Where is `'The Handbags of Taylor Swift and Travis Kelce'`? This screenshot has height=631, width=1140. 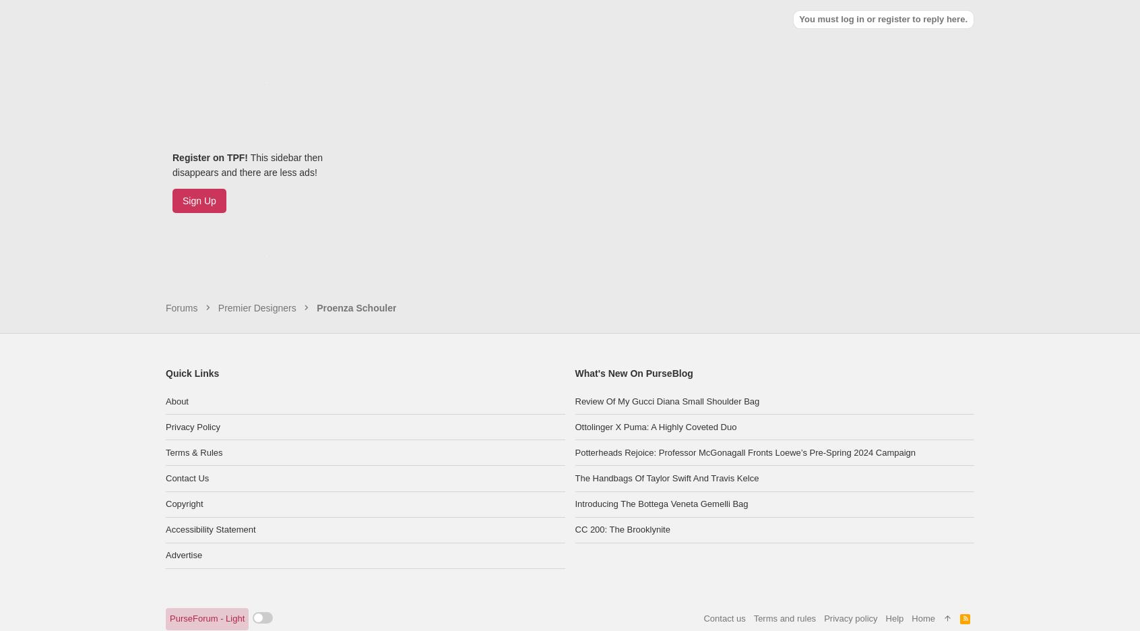
'The Handbags of Taylor Swift and Travis Kelce' is located at coordinates (666, 411).